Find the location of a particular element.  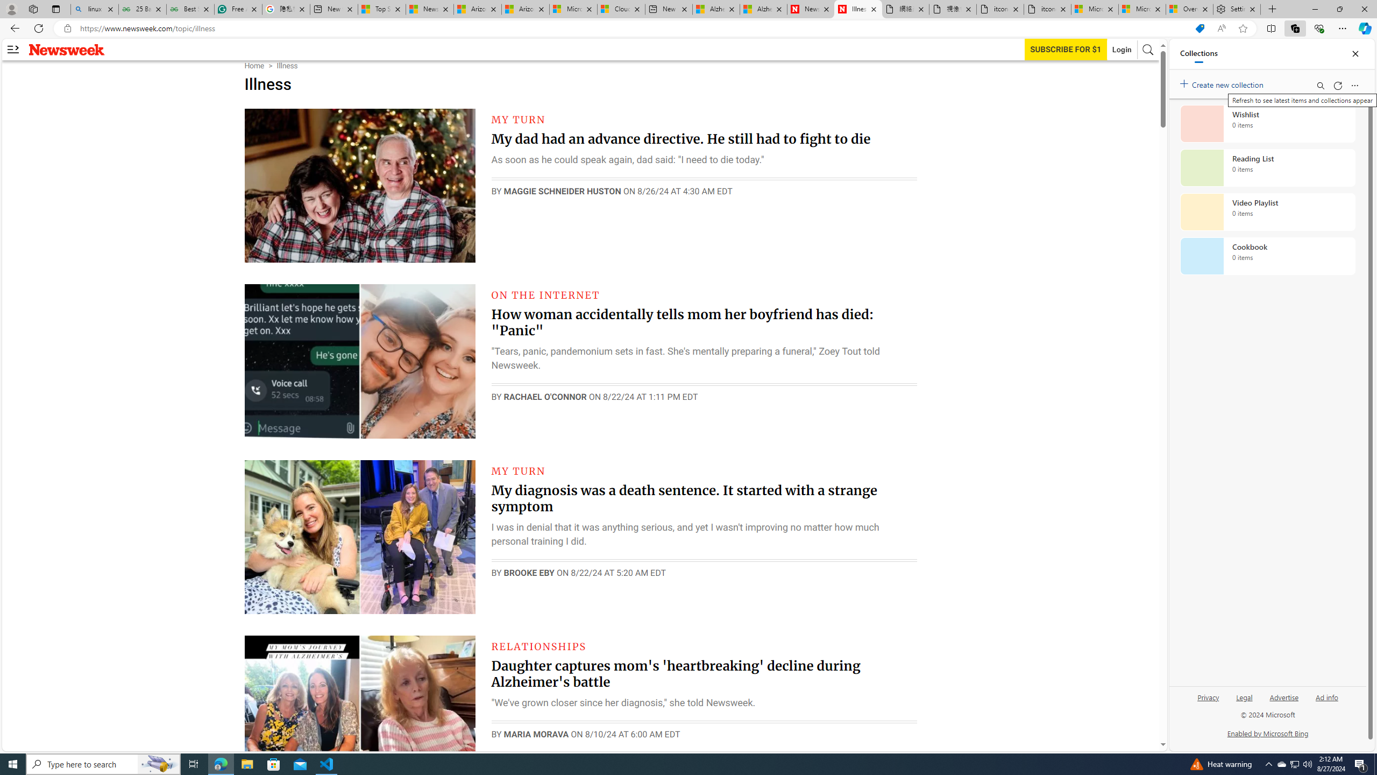

'Legal' is located at coordinates (1243, 701).